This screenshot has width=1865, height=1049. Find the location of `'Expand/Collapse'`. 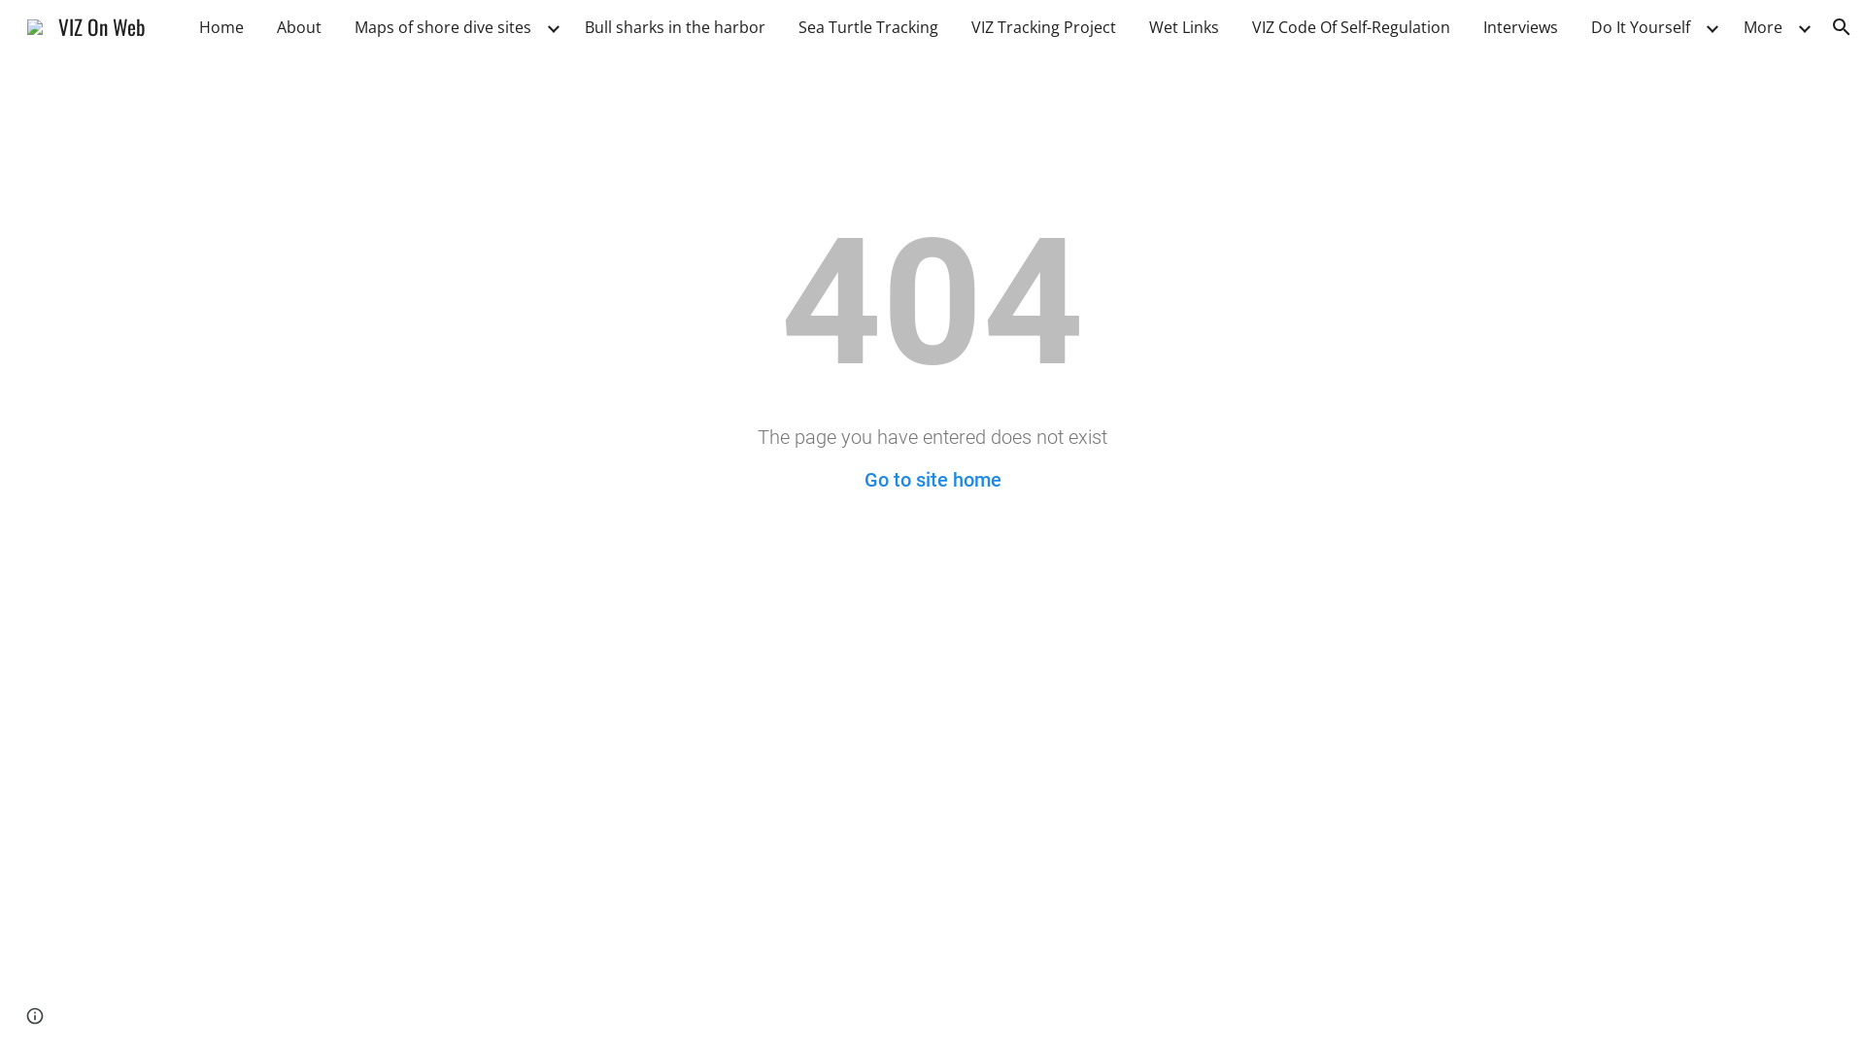

'Expand/Collapse' is located at coordinates (1803, 26).